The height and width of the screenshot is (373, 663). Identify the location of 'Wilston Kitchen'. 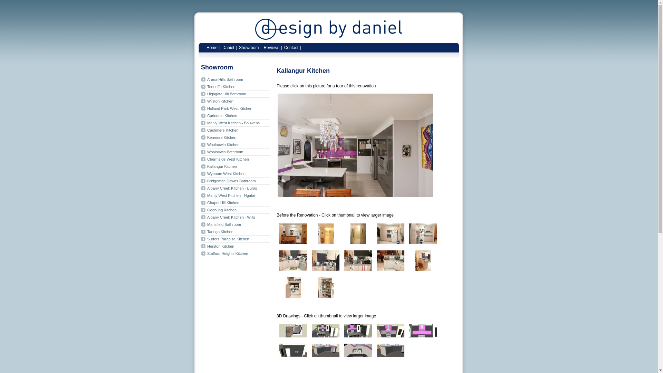
(235, 101).